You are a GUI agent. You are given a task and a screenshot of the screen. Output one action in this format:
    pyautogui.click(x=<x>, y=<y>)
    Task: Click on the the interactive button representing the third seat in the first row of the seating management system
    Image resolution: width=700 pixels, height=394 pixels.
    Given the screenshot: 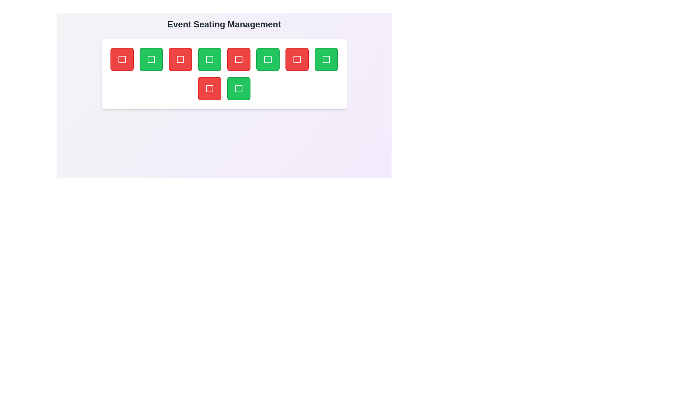 What is the action you would take?
    pyautogui.click(x=180, y=59)
    